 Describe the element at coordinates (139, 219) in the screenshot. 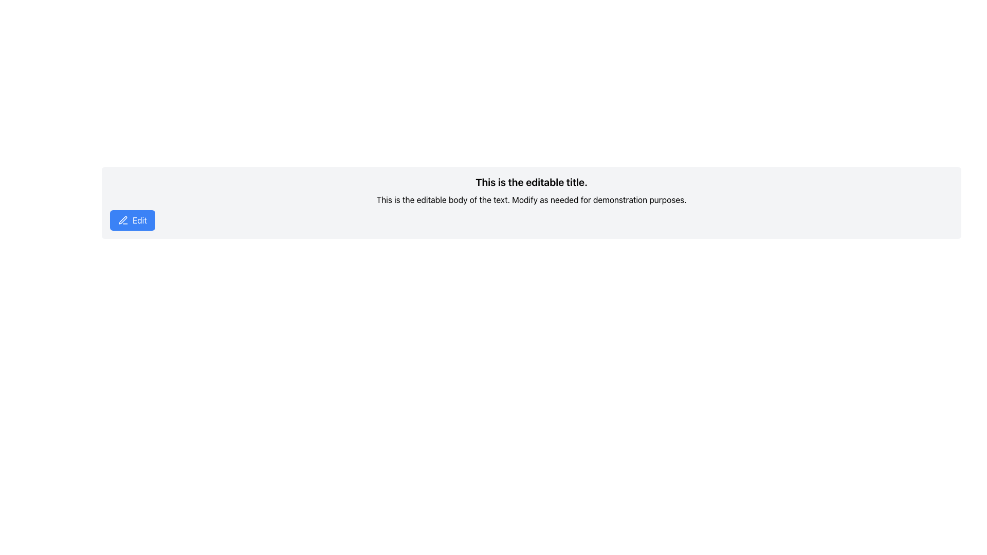

I see `the edit label located within the blue rectangular button with rounded corners, positioned to the right of the pen icon` at that location.